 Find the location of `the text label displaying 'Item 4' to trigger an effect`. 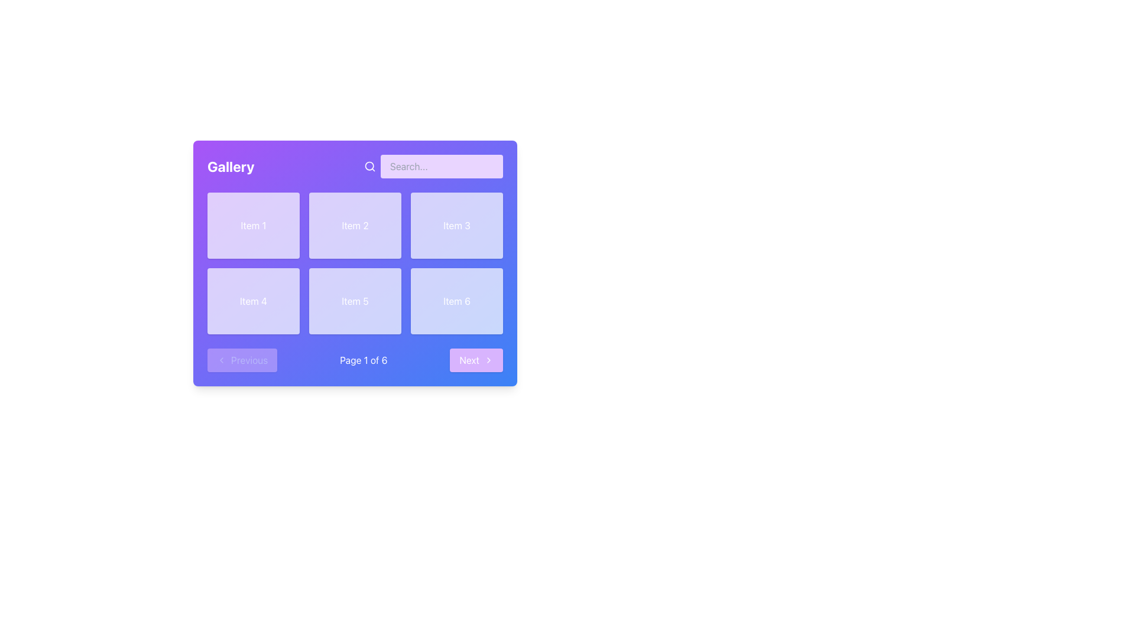

the text label displaying 'Item 4' to trigger an effect is located at coordinates (252, 300).